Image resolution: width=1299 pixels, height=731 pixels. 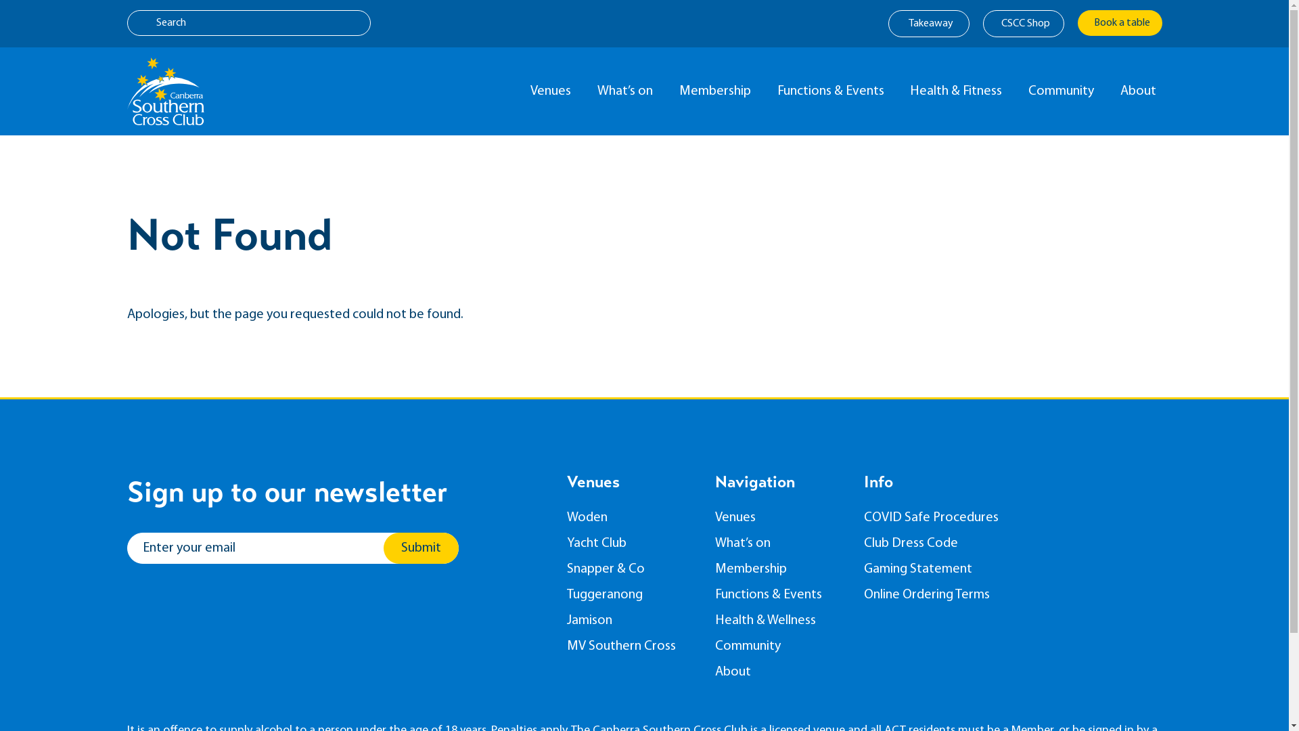 I want to click on 'Takeaway', so click(x=928, y=23).